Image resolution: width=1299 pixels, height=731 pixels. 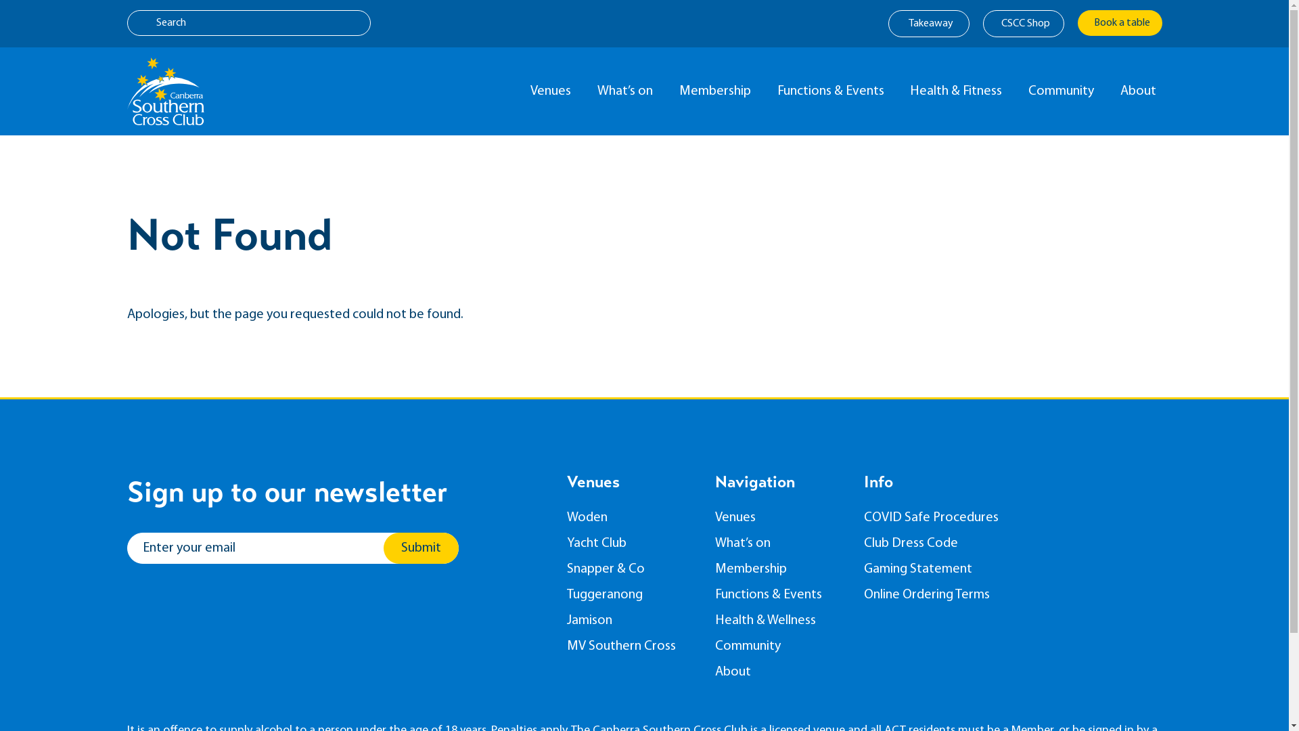 I want to click on 'Takeaway', so click(x=928, y=23).